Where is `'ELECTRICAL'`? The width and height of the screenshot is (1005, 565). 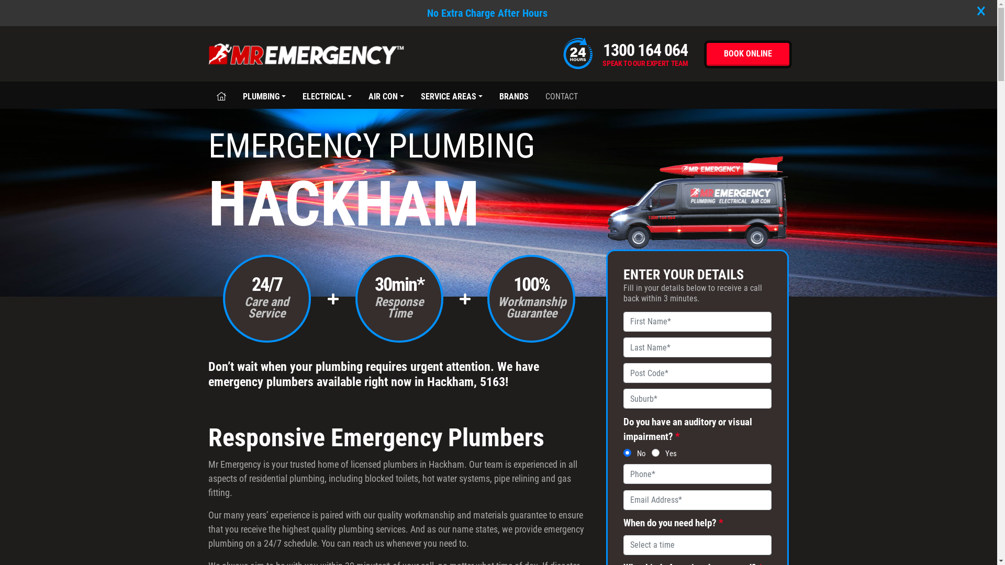 'ELECTRICAL' is located at coordinates (293, 95).